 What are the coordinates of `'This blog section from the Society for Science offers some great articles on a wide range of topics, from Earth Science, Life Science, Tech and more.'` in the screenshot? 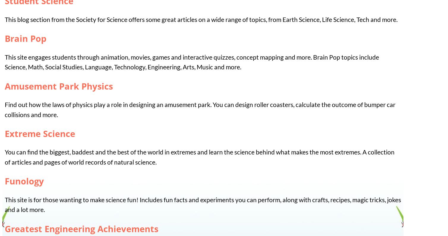 It's located at (201, 19).